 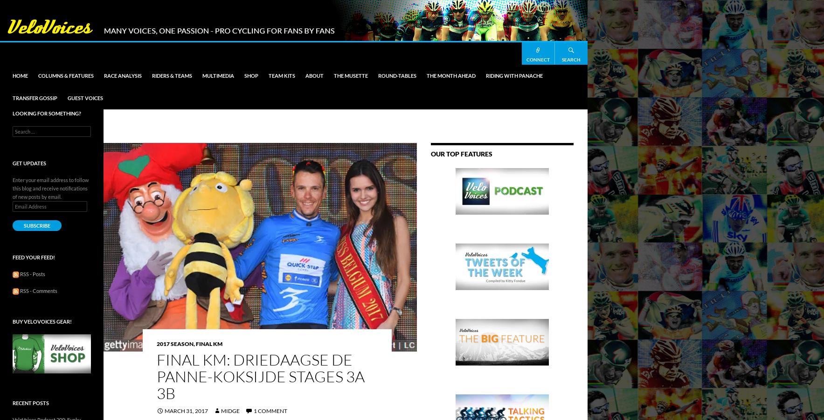 I want to click on 'Round-Tables', so click(x=378, y=75).